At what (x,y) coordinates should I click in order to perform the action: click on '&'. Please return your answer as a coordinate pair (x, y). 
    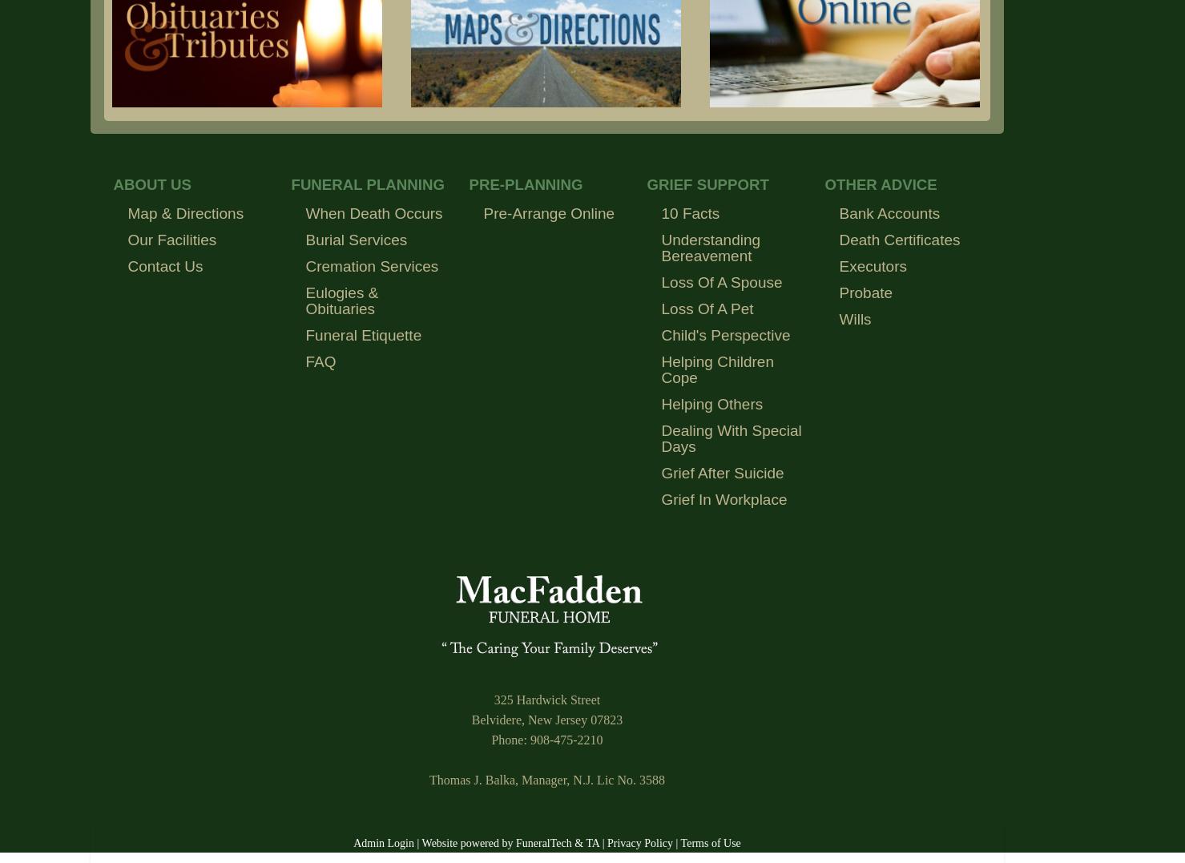
    Looking at the image, I should click on (571, 843).